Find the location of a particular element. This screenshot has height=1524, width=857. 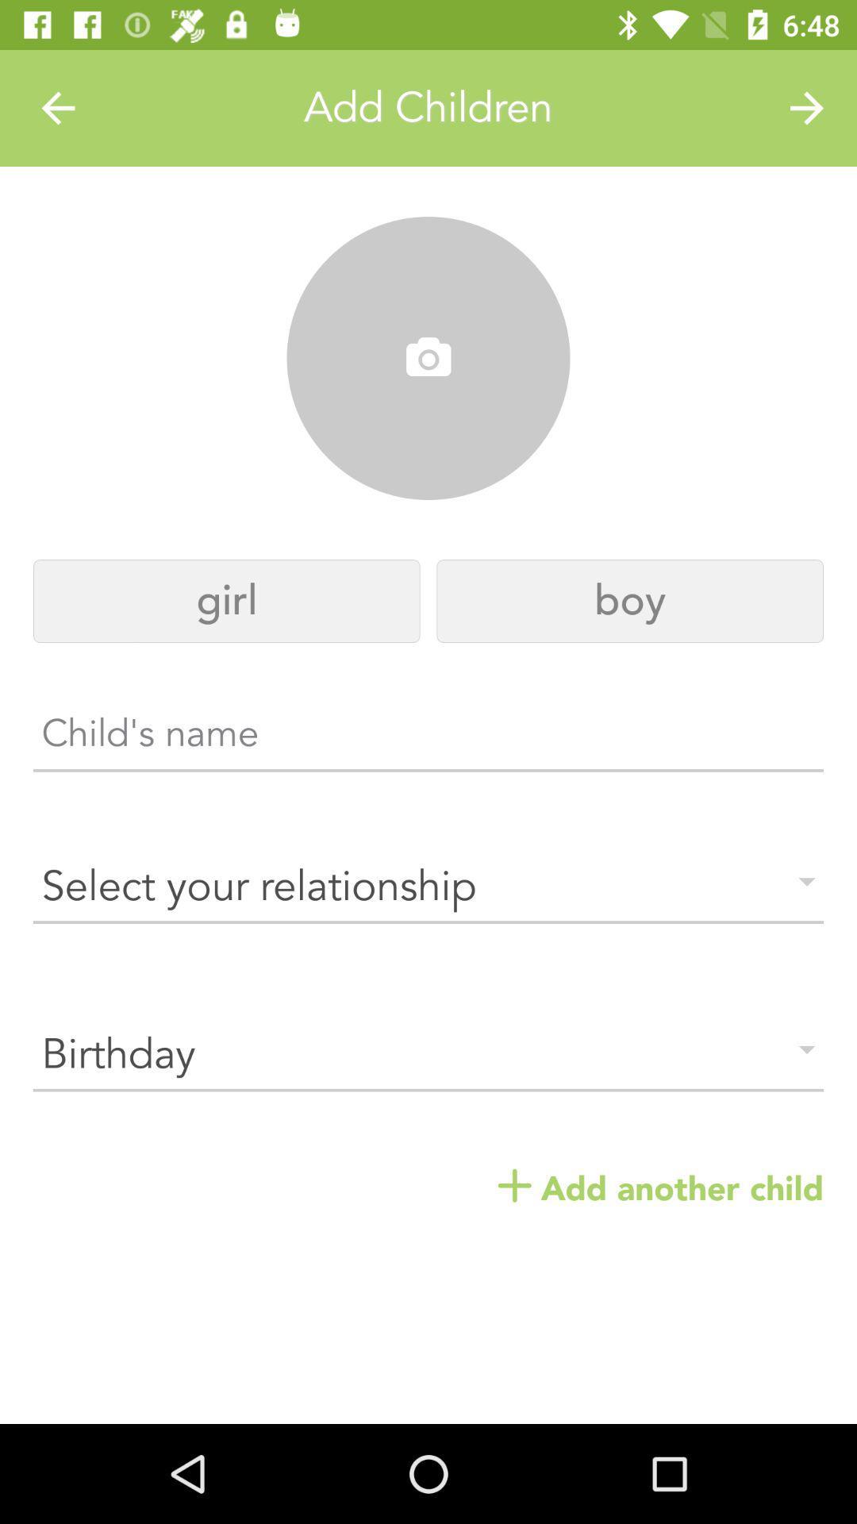

item next to add children icon is located at coordinates (57, 107).